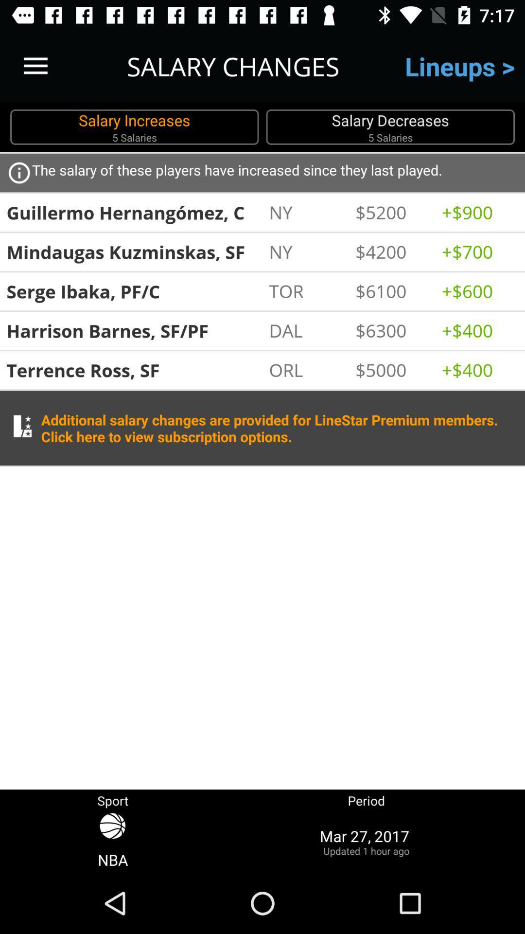  What do you see at coordinates (307, 290) in the screenshot?
I see `tor item` at bounding box center [307, 290].